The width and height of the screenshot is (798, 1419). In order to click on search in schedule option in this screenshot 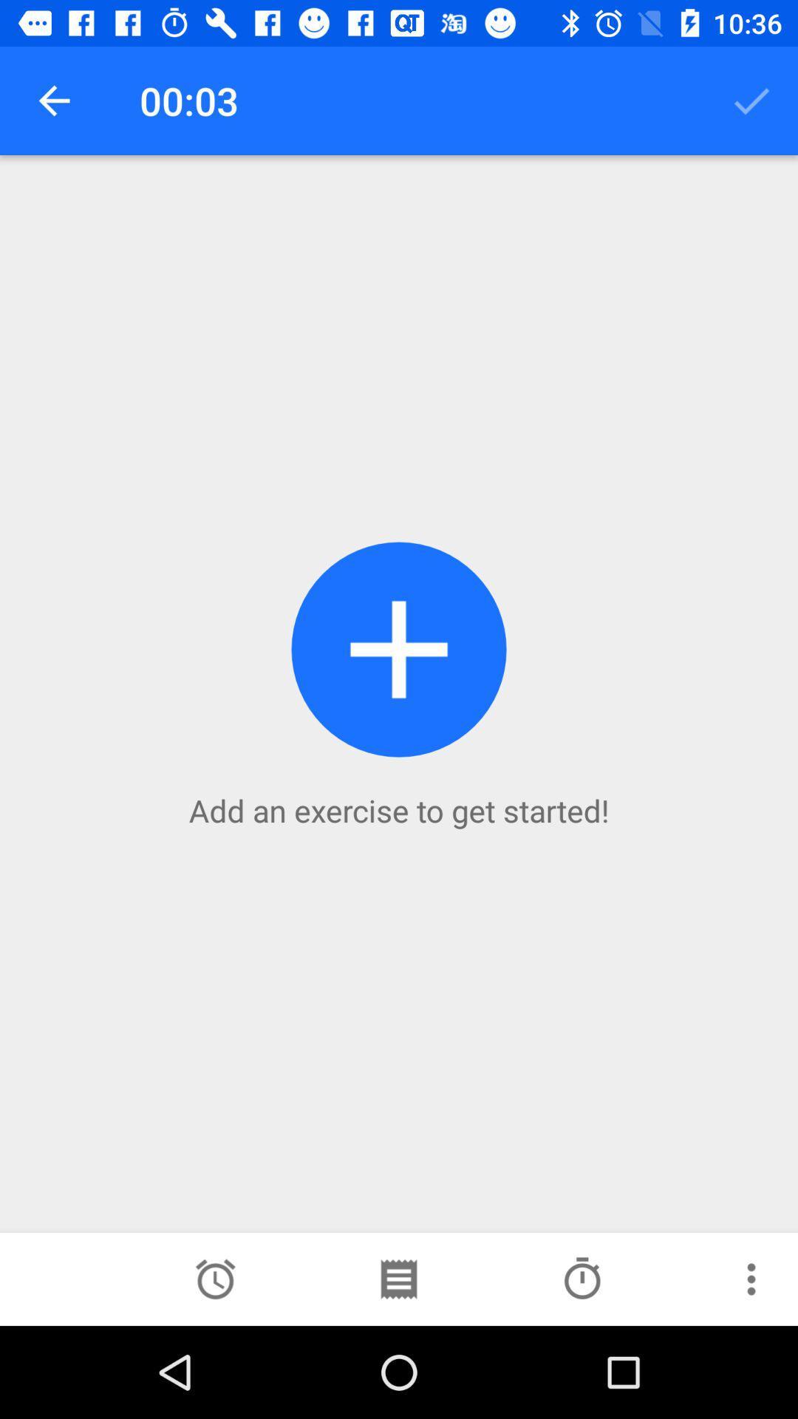, I will do `click(398, 1279)`.